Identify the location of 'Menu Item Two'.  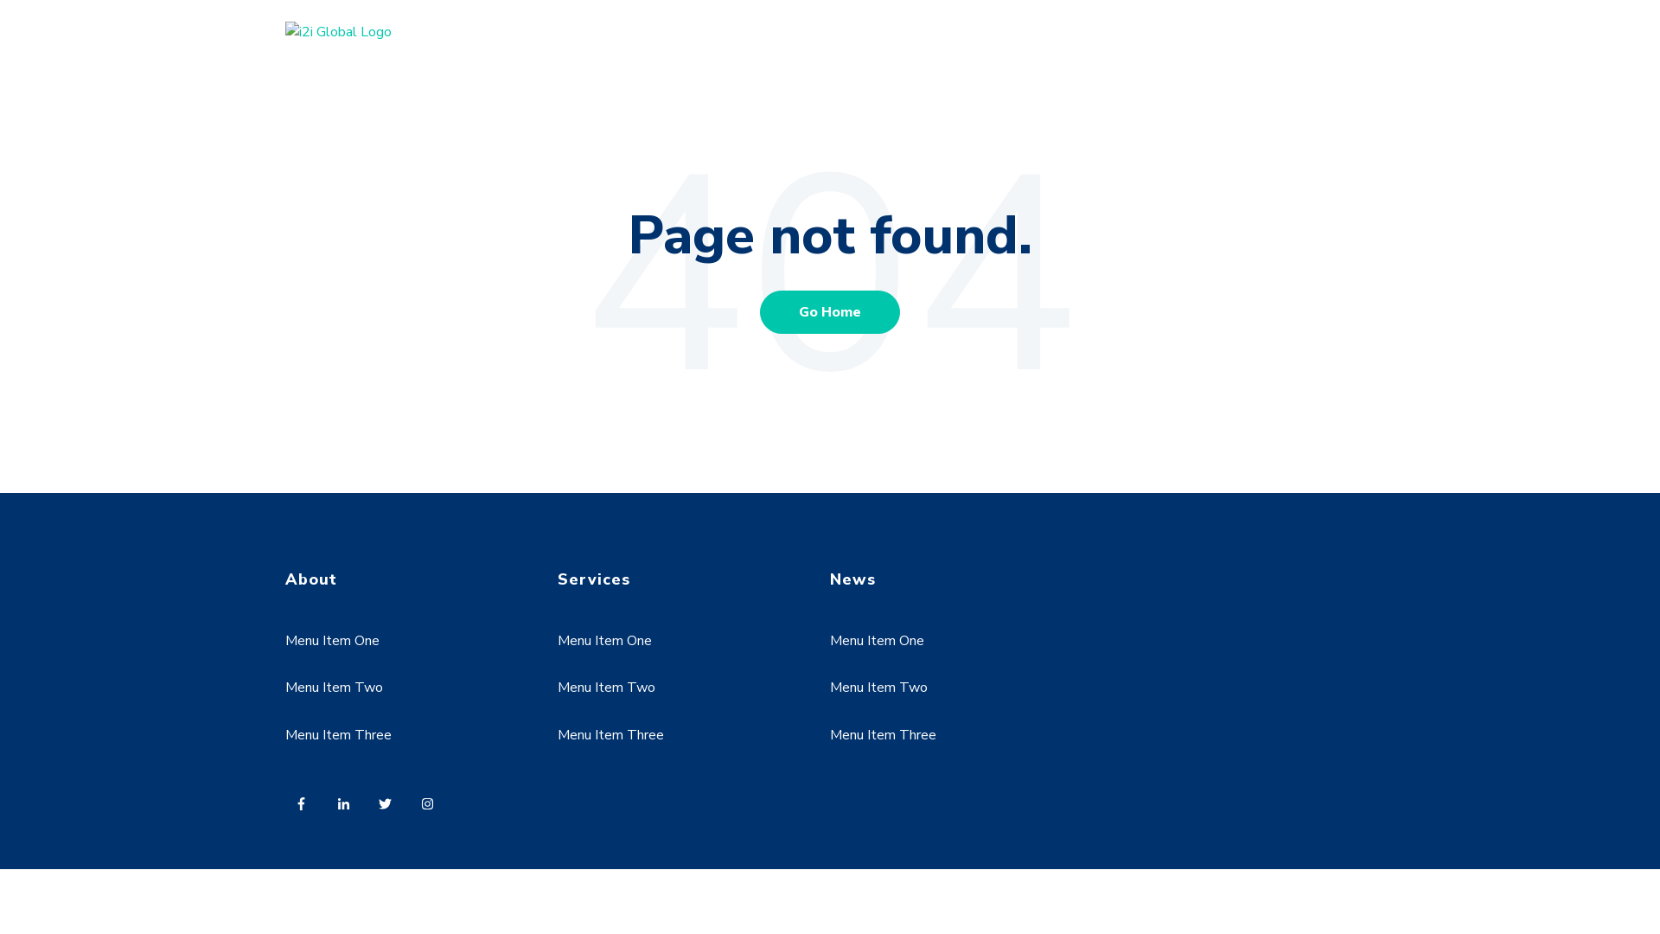
(557, 686).